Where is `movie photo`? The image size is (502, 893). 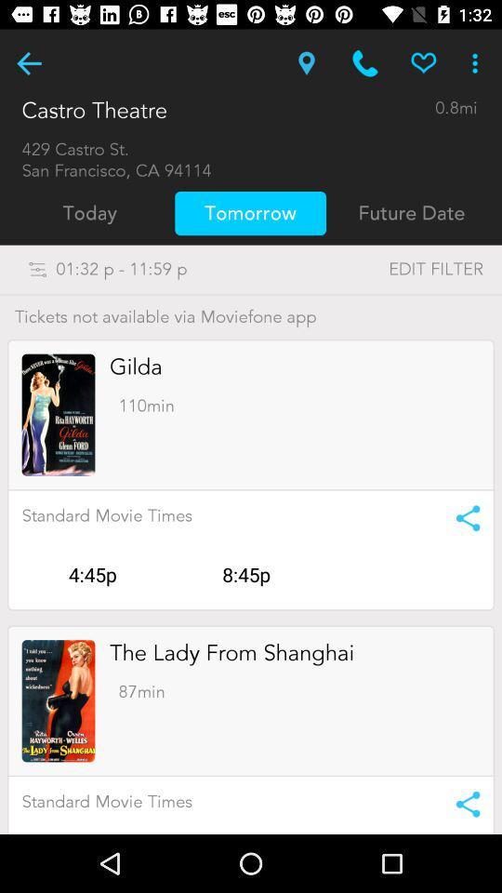 movie photo is located at coordinates (59, 700).